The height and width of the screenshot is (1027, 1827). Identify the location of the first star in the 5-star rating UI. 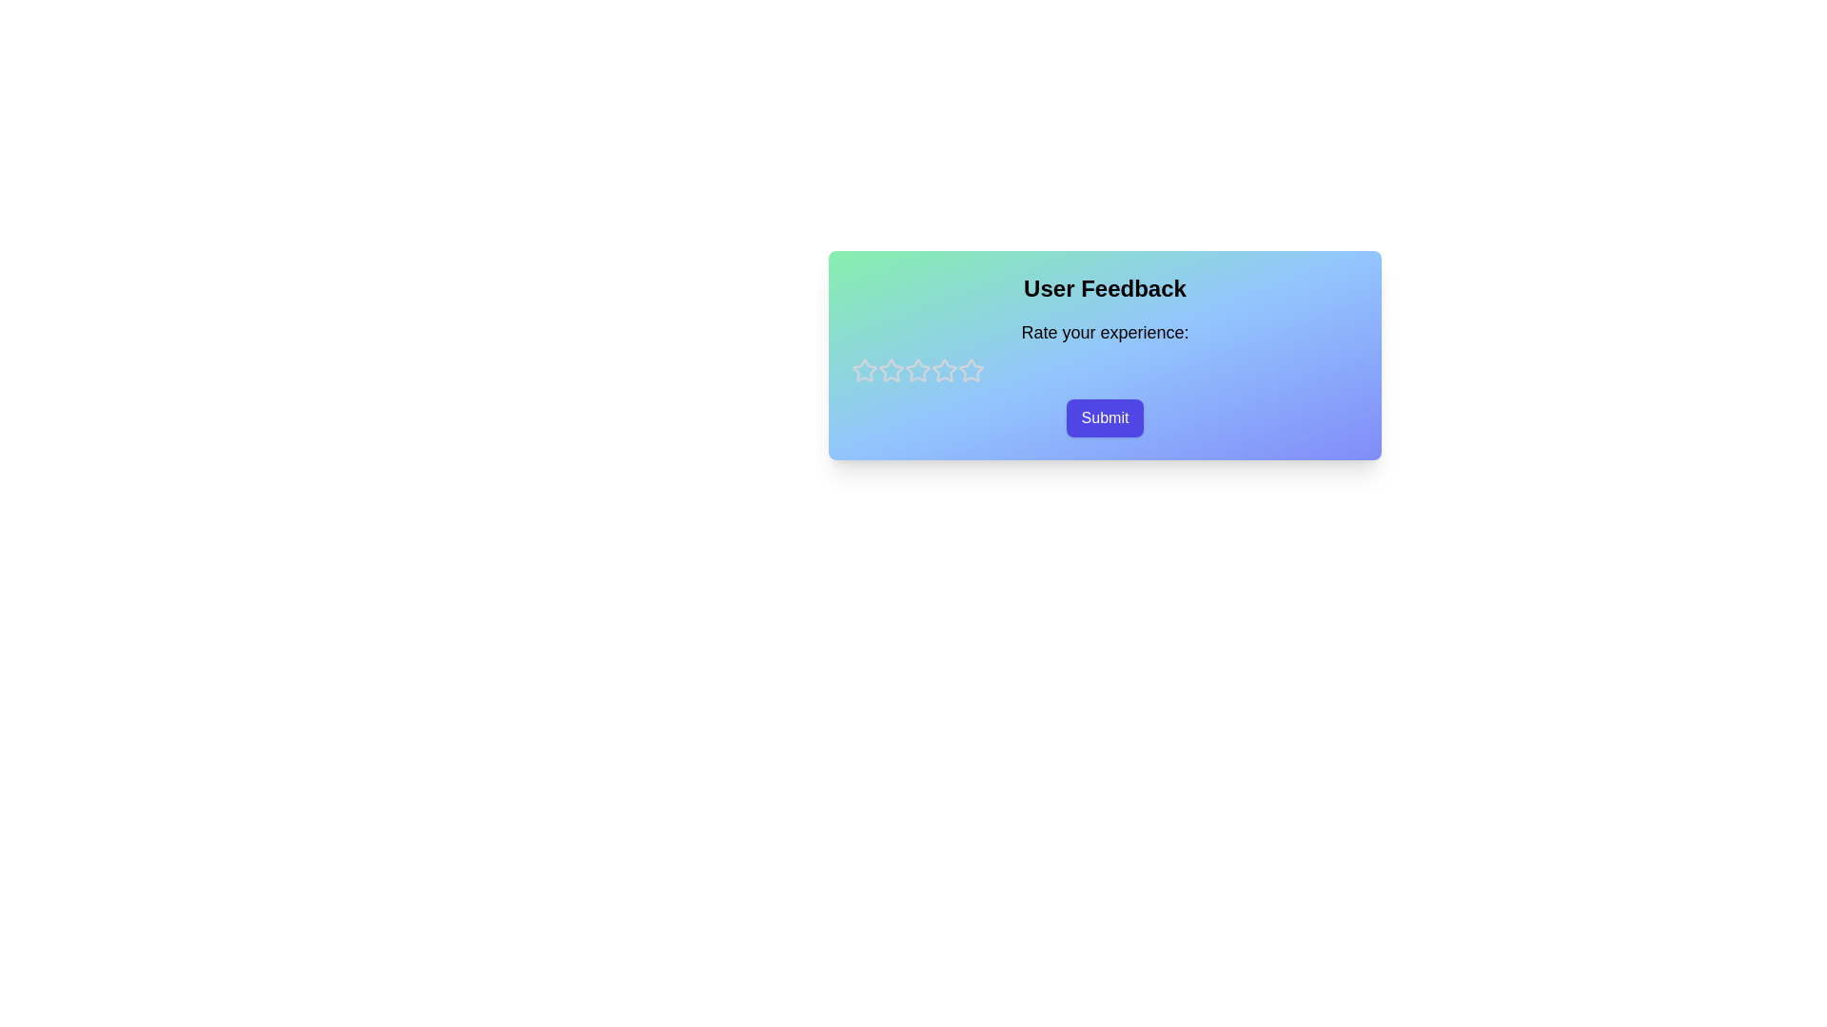
(890, 370).